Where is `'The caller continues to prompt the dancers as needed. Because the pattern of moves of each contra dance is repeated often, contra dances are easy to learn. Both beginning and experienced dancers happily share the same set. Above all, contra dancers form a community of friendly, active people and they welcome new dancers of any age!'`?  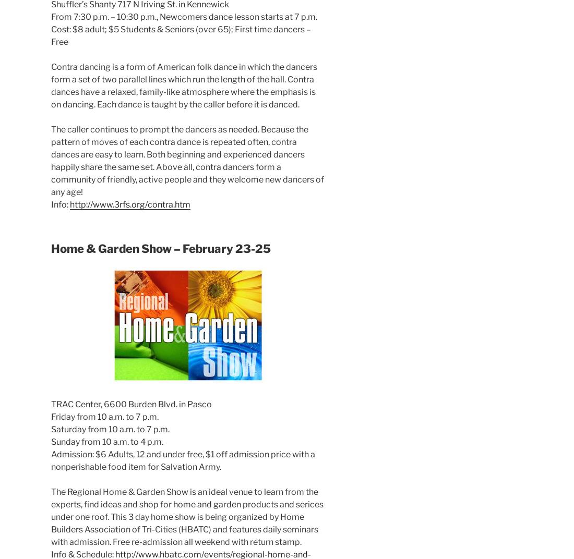 'The caller continues to prompt the dancers as needed. Because the pattern of moves of each contra dance is repeated often, contra dances are easy to learn. Both beginning and experienced dancers happily share the same set. Above all, contra dancers form a community of friendly, active people and they welcome new dancers of any age!' is located at coordinates (187, 160).